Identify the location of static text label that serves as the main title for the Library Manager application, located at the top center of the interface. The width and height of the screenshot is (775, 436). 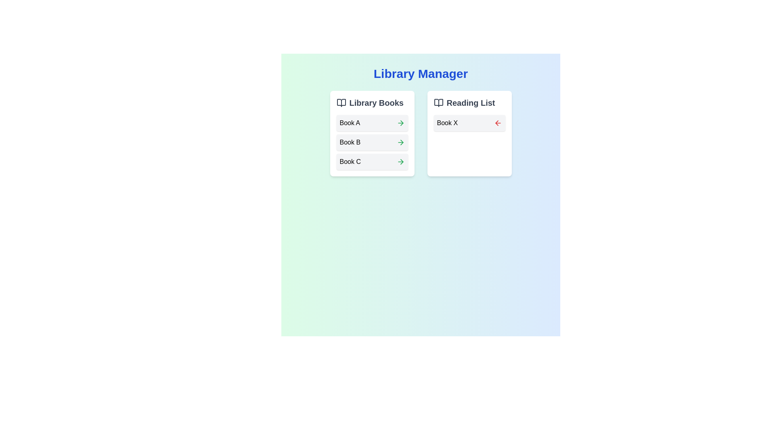
(420, 73).